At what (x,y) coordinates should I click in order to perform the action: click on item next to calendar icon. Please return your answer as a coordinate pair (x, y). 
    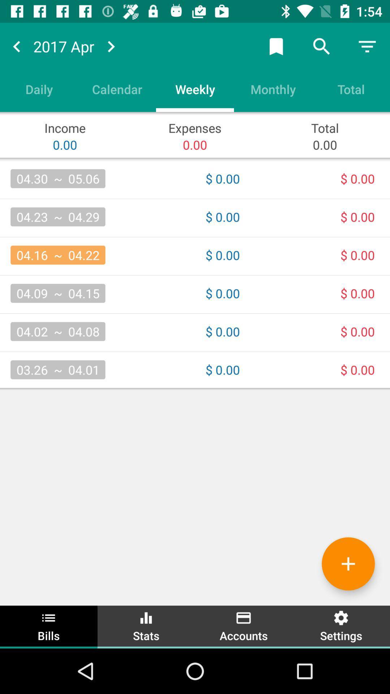
    Looking at the image, I should click on (195, 89).